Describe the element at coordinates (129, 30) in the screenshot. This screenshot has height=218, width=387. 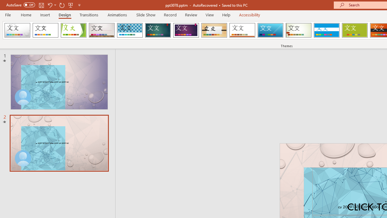
I see `'Integral'` at that location.